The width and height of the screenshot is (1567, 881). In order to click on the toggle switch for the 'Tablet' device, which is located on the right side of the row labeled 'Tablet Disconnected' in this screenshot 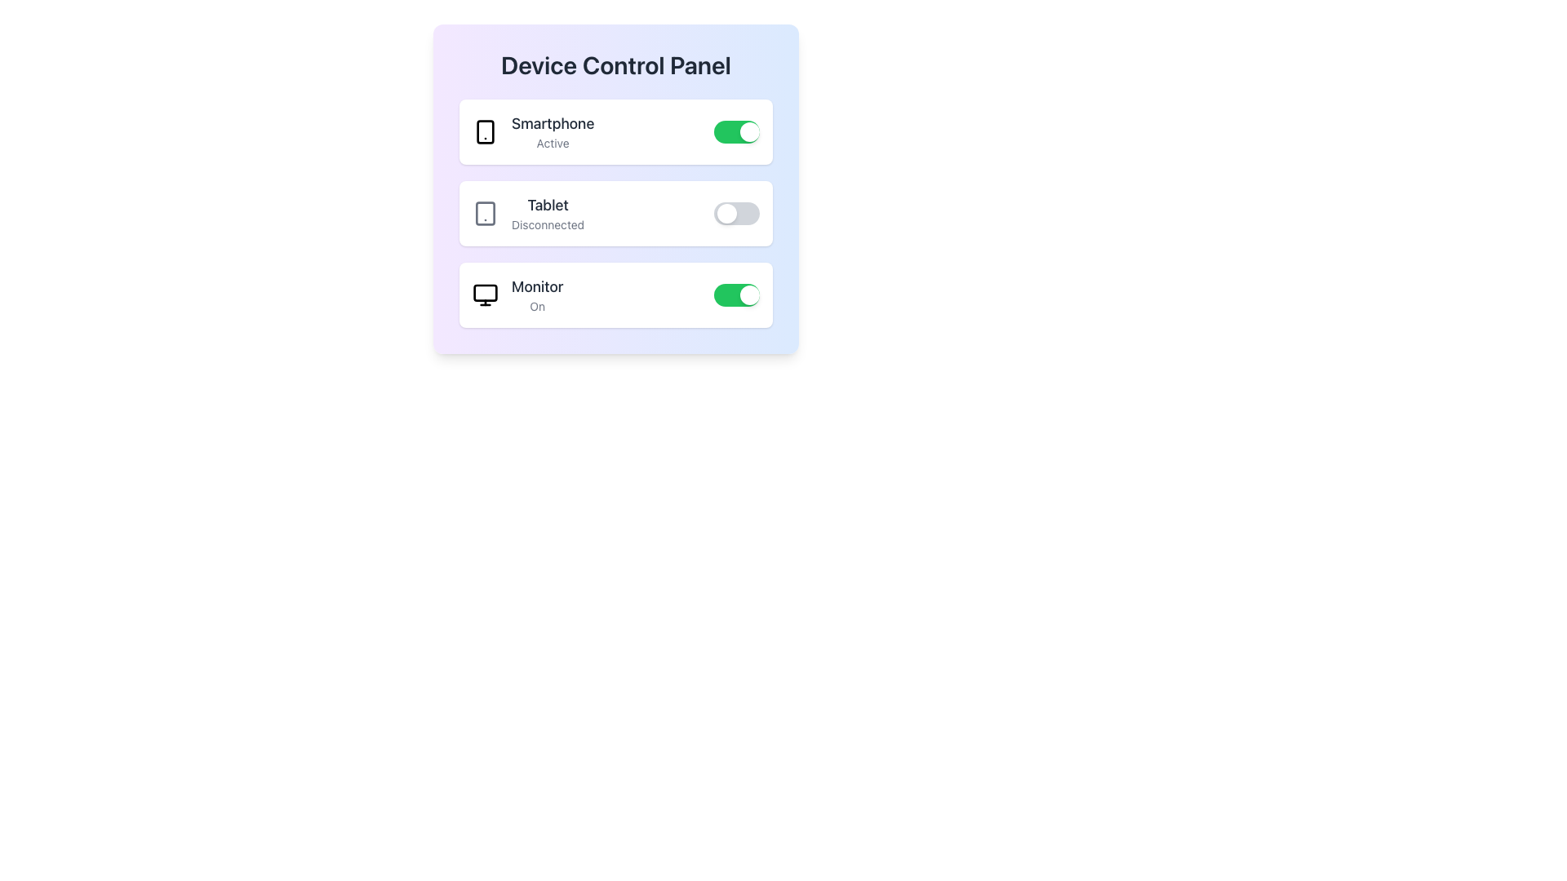, I will do `click(735, 213)`.